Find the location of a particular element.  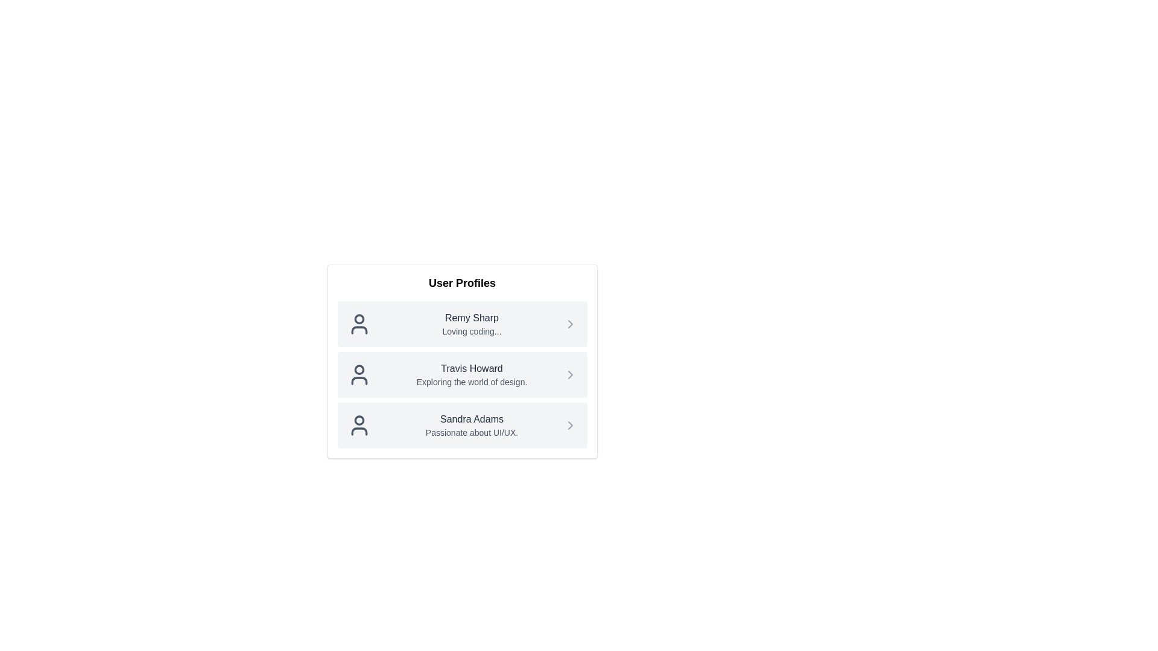

the user profile text block displaying 'Sandra Adams' with a bold font and 'Passionate about UI/UX.' styled in a lighter font, which is the third item in the vertical list of user profiles is located at coordinates (471, 424).